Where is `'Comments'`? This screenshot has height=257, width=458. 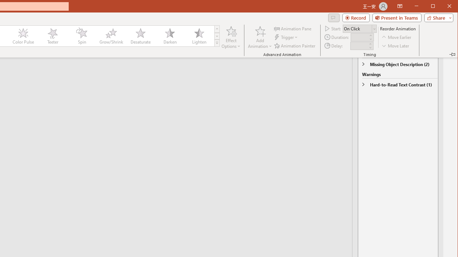
'Comments' is located at coordinates (333, 17).